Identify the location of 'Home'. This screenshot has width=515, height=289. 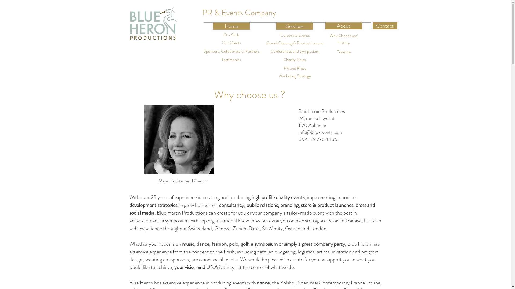
(211, 26).